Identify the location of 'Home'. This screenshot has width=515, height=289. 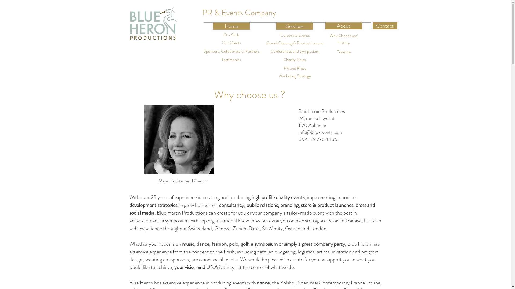
(211, 26).